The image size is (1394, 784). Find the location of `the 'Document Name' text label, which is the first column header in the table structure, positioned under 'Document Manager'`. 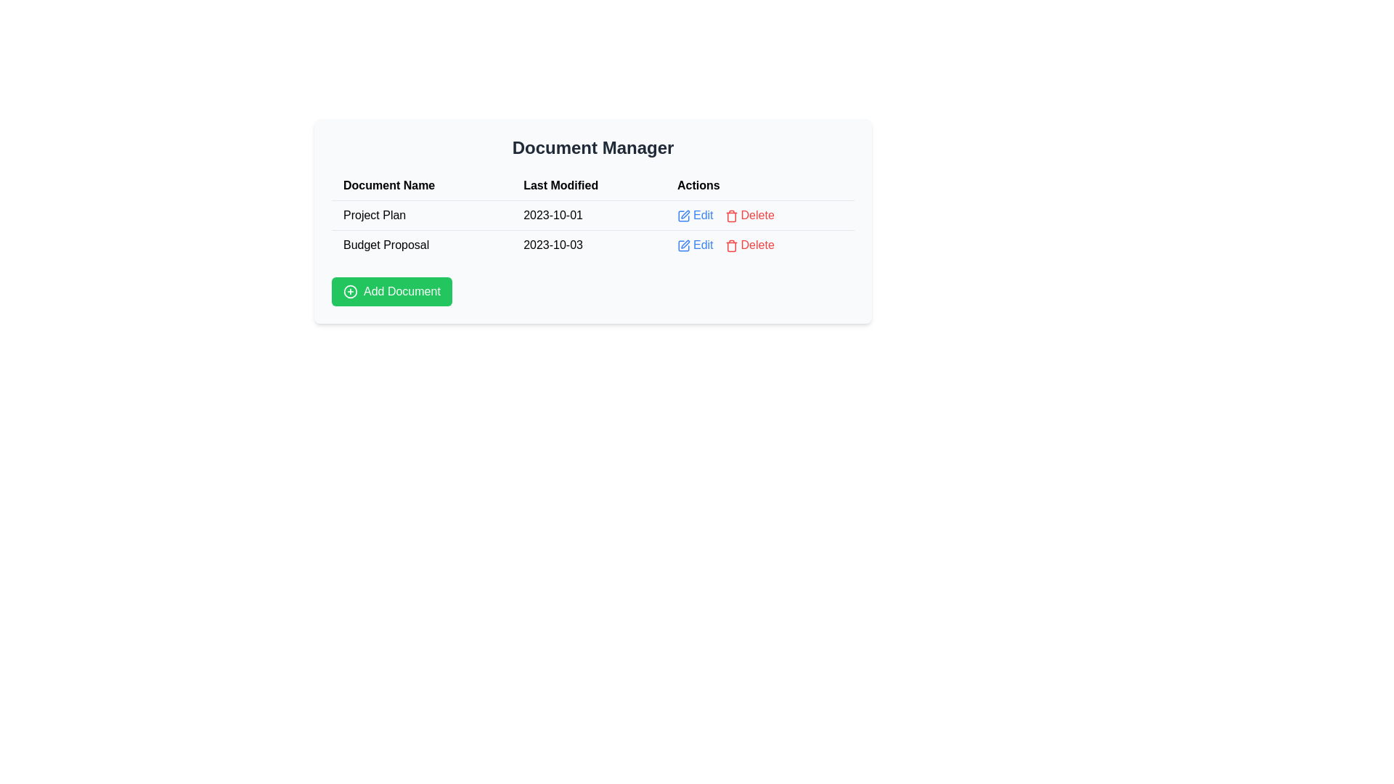

the 'Document Name' text label, which is the first column header in the table structure, positioned under 'Document Manager' is located at coordinates (420, 185).